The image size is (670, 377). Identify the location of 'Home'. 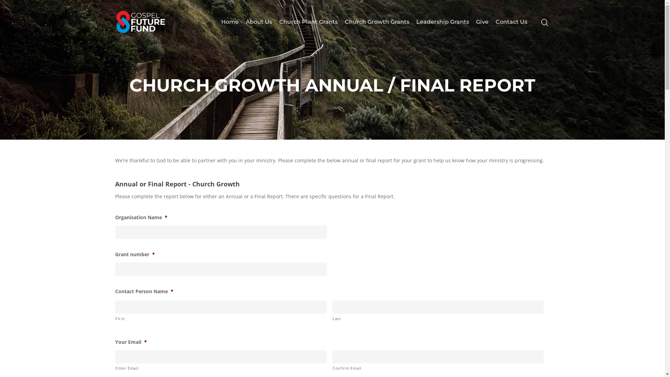
(230, 21).